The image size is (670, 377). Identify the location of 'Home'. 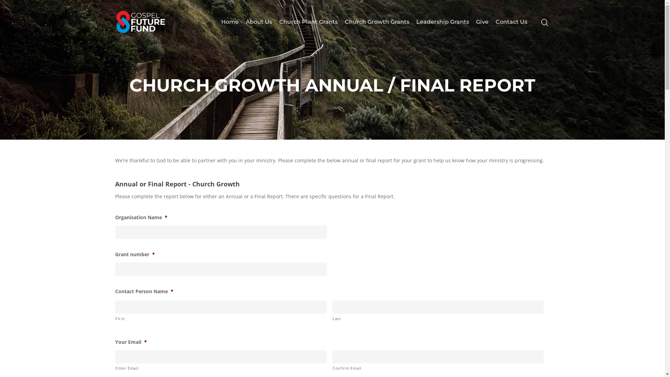
(230, 21).